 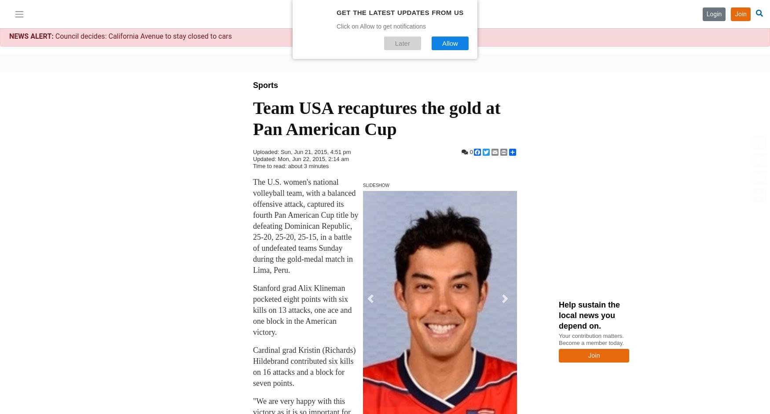 What do you see at coordinates (304, 366) in the screenshot?
I see `'Cardinal grad Kristin (Richards) Hildebrand contributed six kills on 16 attacks and a block for seven points.'` at bounding box center [304, 366].